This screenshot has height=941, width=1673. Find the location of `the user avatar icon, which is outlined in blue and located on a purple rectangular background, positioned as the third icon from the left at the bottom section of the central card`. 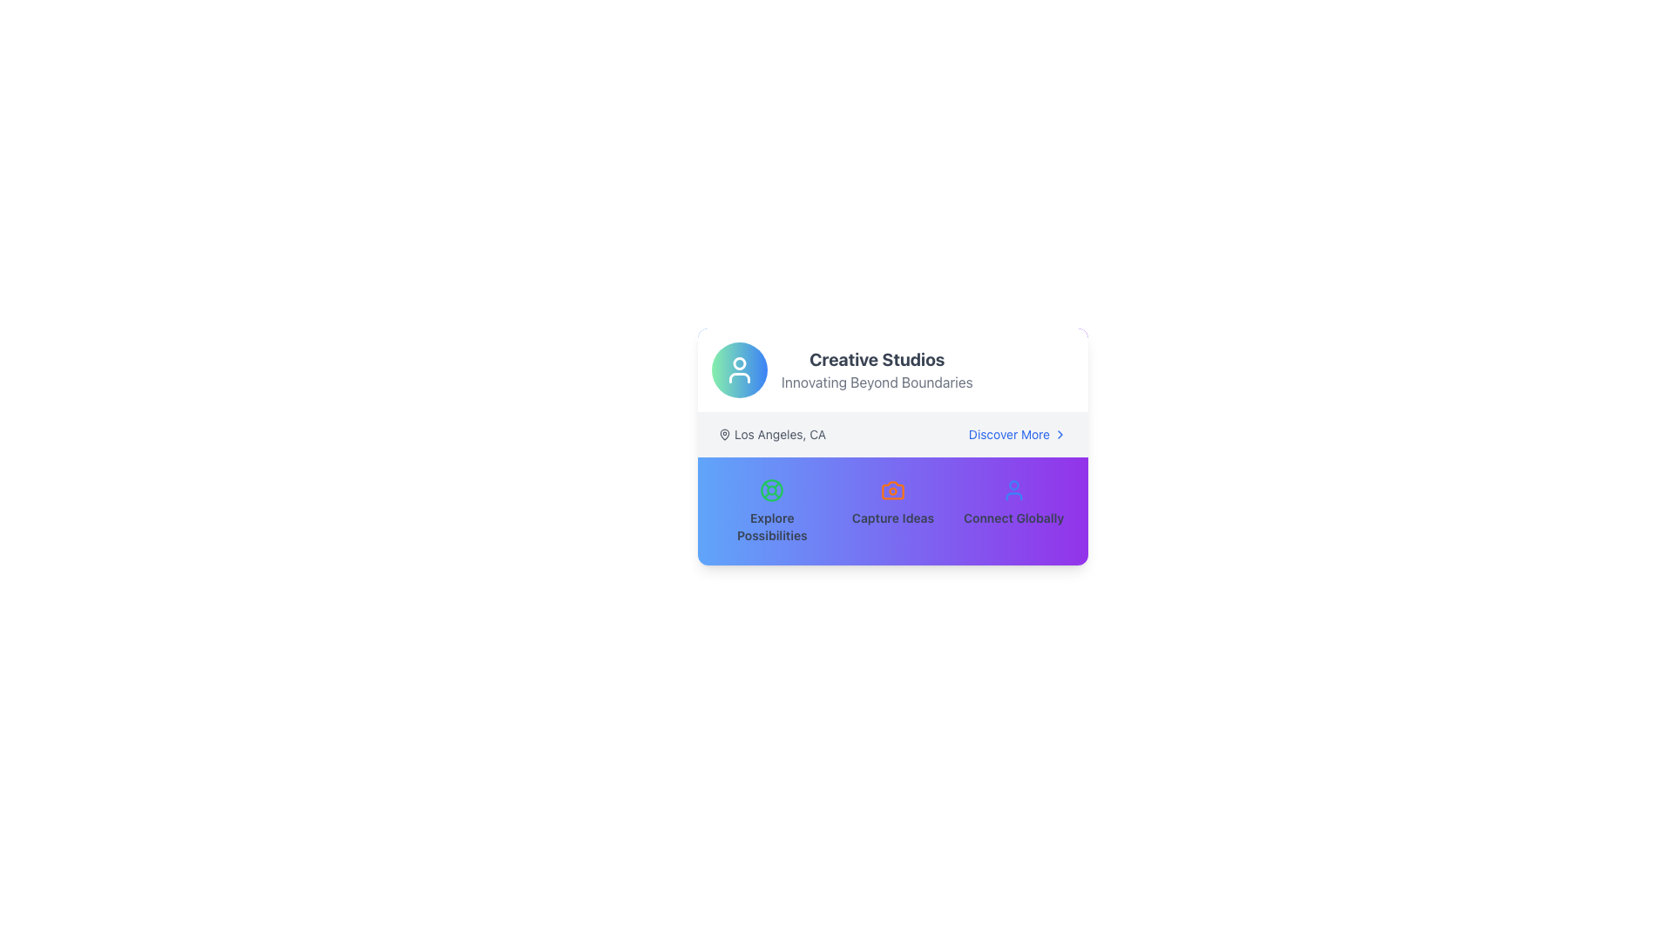

the user avatar icon, which is outlined in blue and located on a purple rectangular background, positioned as the third icon from the left at the bottom section of the central card is located at coordinates (1013, 491).